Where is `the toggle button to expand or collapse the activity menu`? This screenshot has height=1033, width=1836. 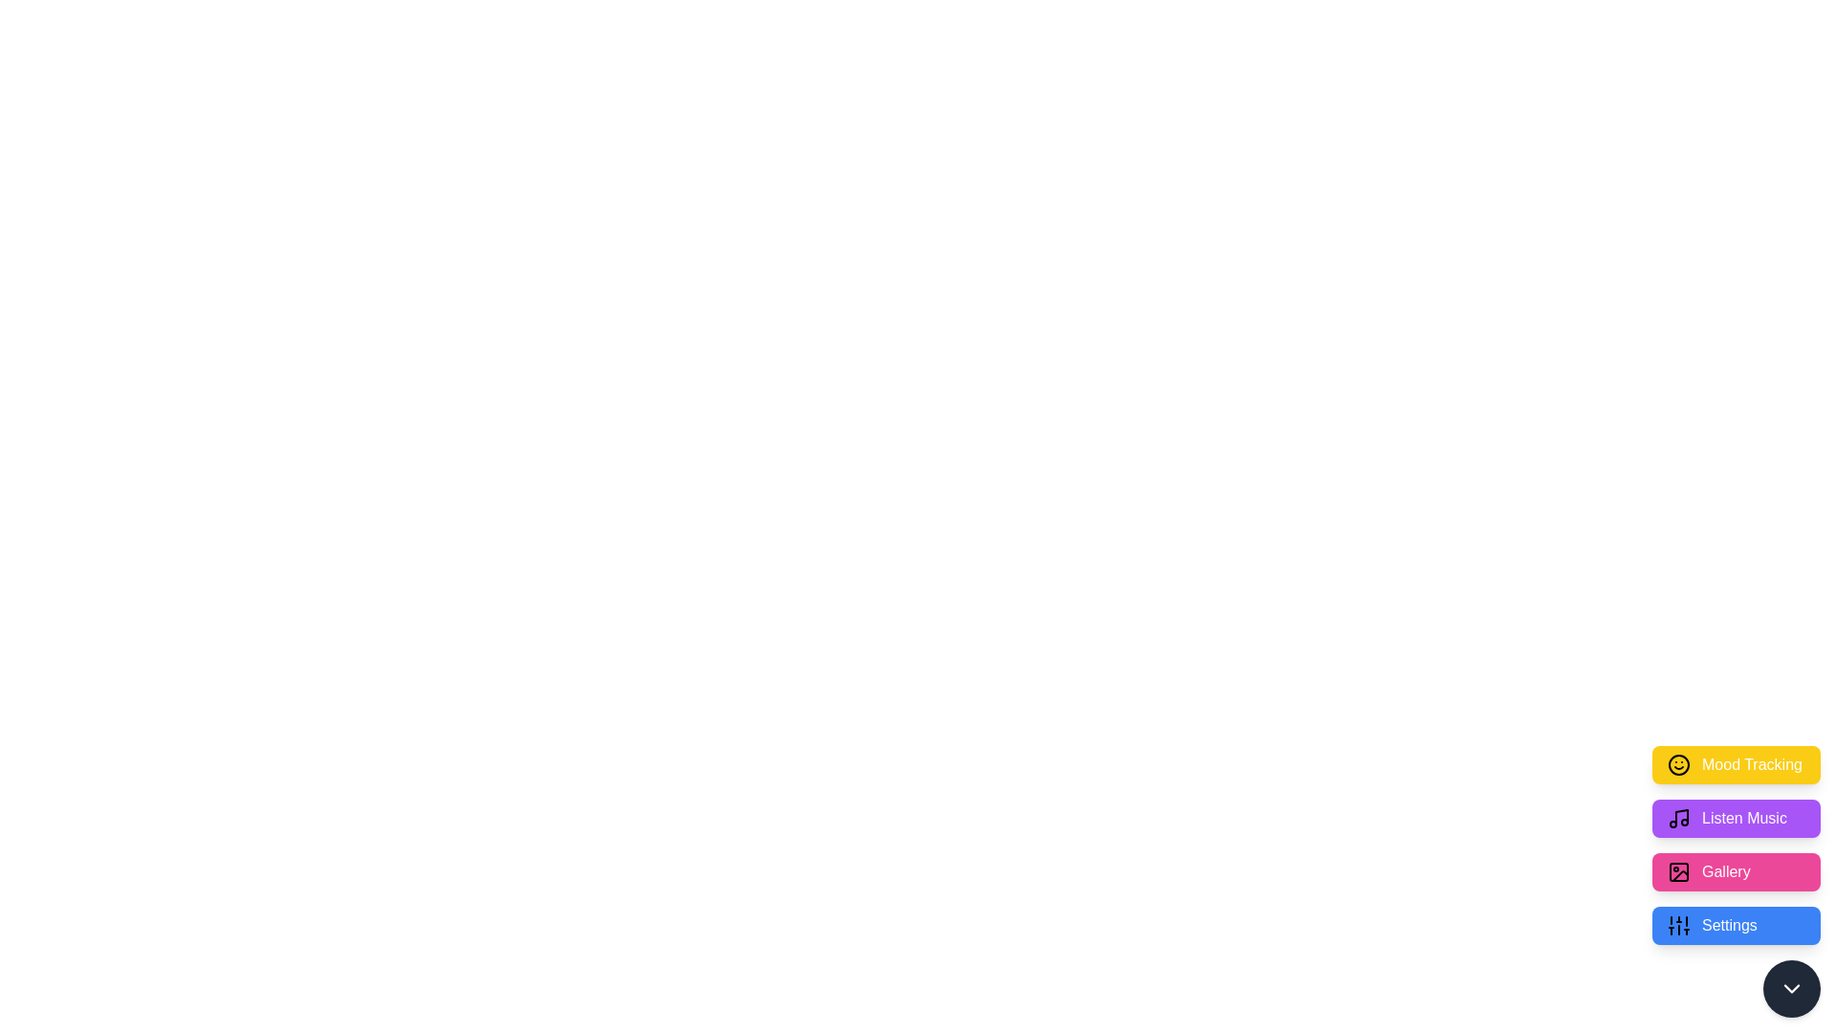
the toggle button to expand or collapse the activity menu is located at coordinates (1790, 988).